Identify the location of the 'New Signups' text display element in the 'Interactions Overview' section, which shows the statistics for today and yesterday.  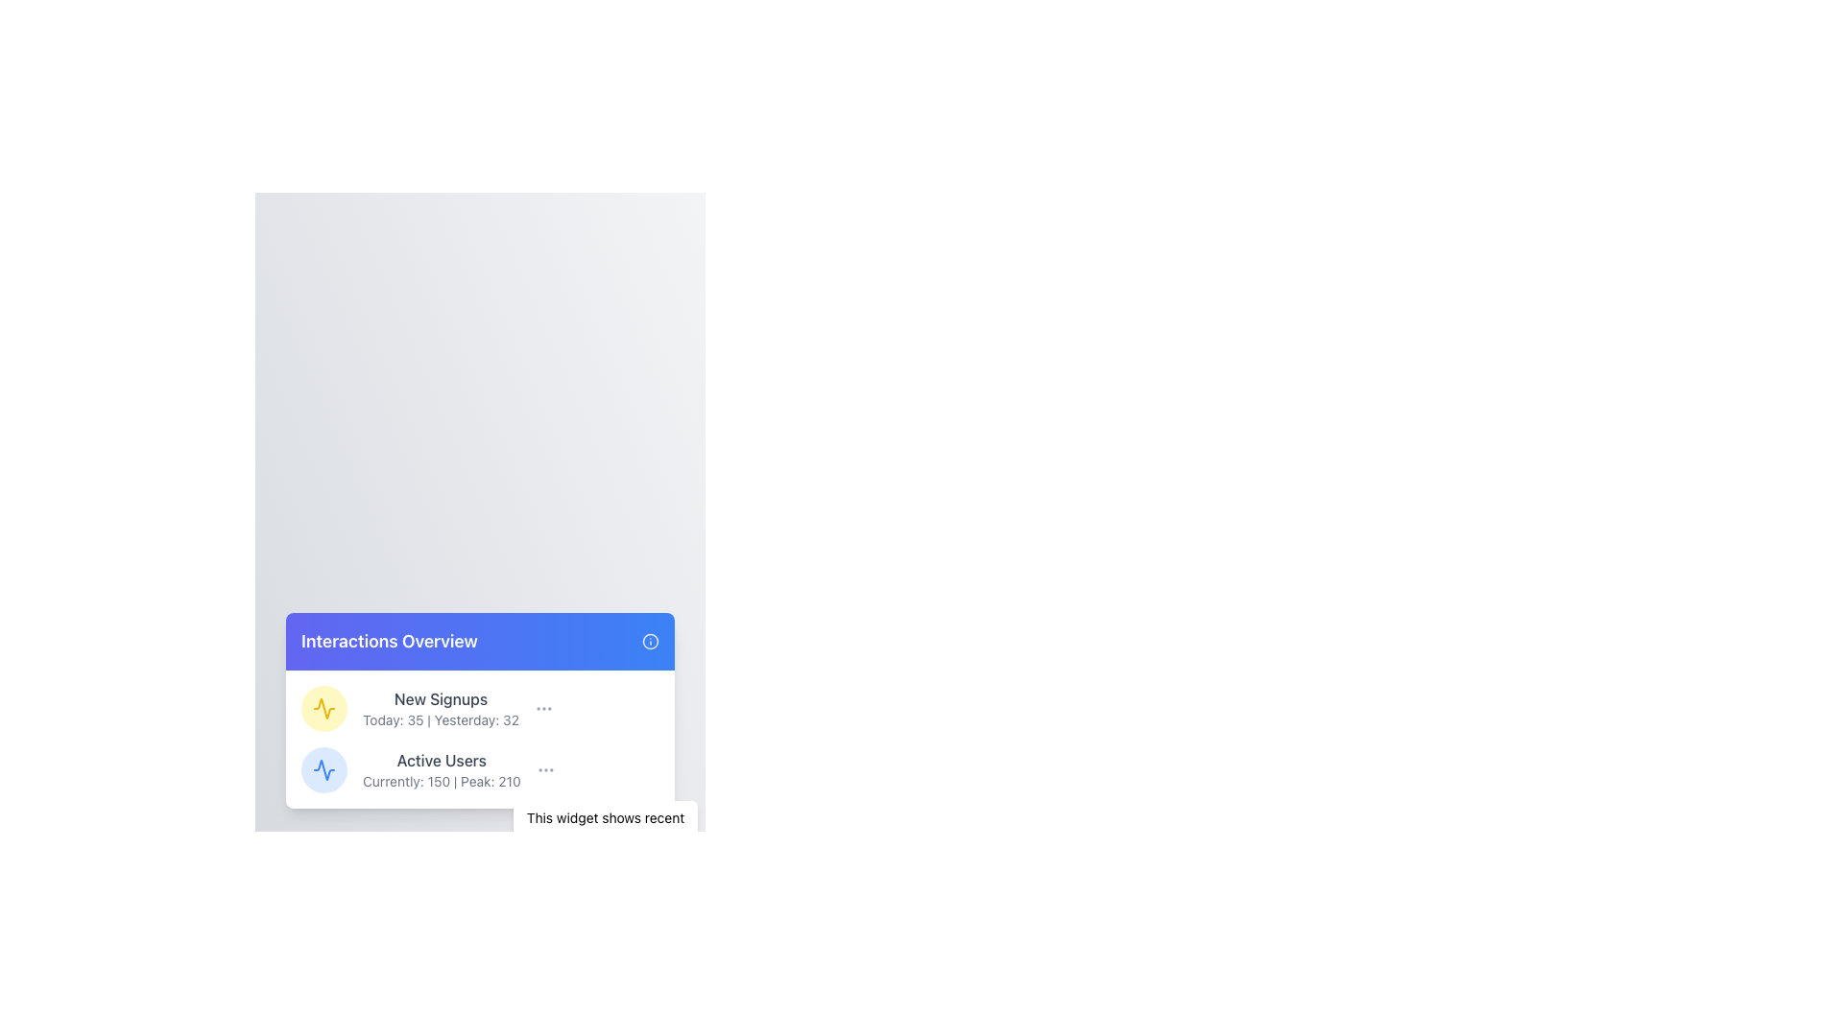
(440, 709).